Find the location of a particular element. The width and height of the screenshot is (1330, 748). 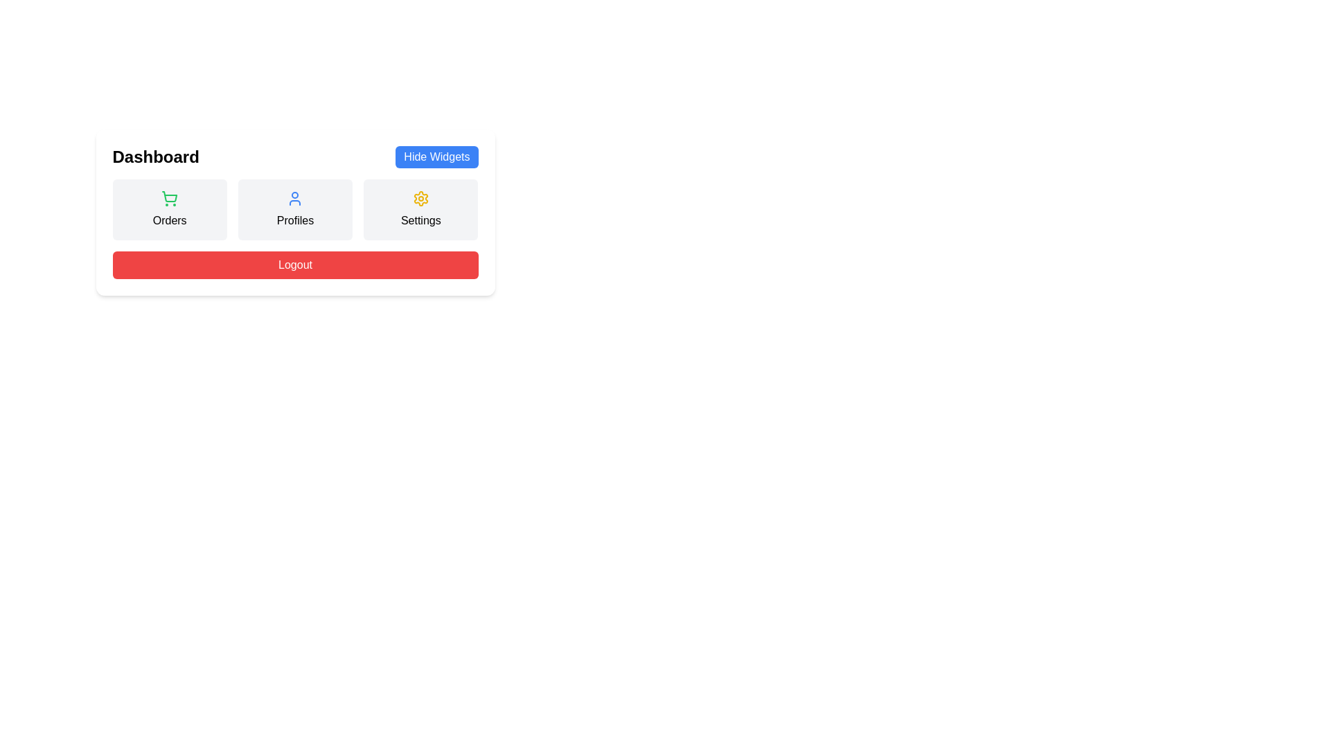

the yellow gear icon representing settings functionality located in the settings section of the dashboard interface, specifically the third option in the row of three cards under the dashboard heading is located at coordinates (420, 198).